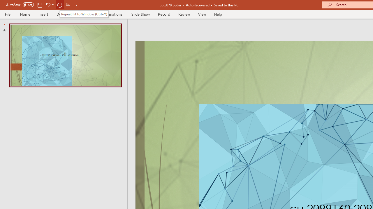  Describe the element at coordinates (84, 14) in the screenshot. I see `'Repeat Fit to Window (Ctrl+Y)'` at that location.